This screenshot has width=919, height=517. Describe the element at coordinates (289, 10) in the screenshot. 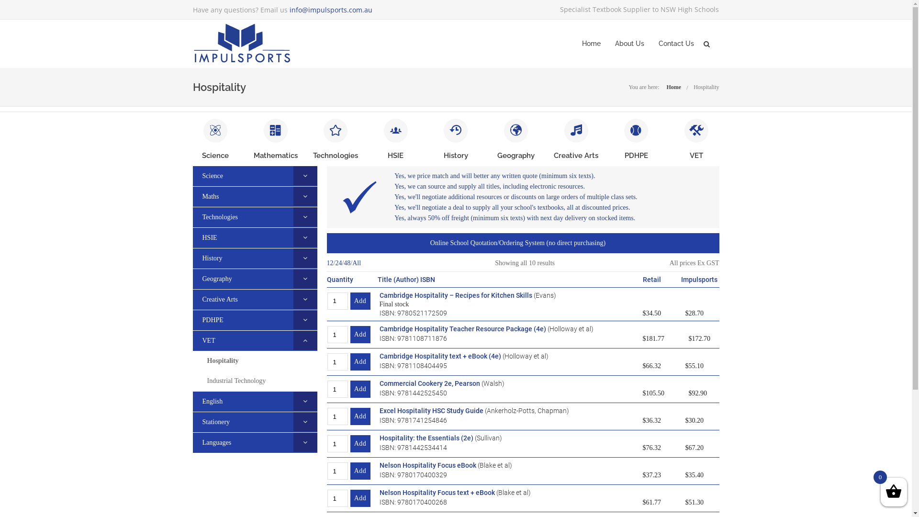

I see `'info@impulsports.com.au'` at that location.